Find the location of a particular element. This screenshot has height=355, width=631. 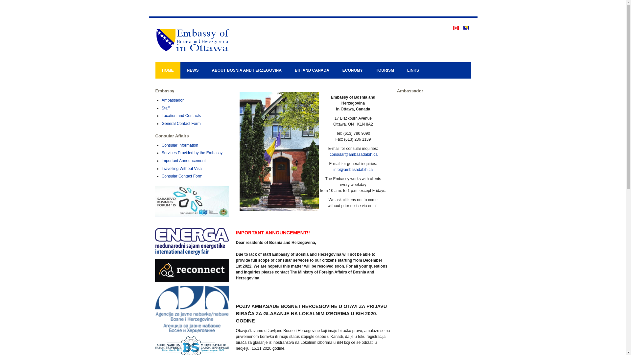

'TOURISM' is located at coordinates (385, 70).